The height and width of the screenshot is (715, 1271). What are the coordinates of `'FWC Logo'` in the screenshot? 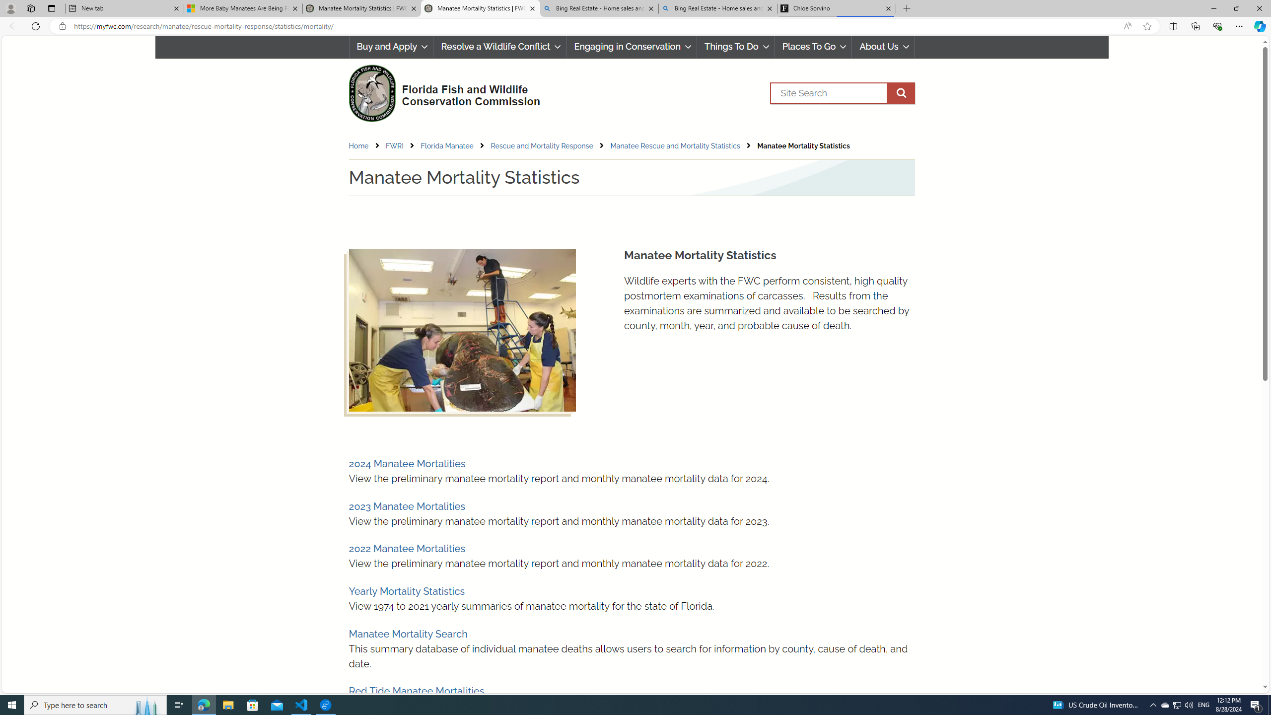 It's located at (371, 93).